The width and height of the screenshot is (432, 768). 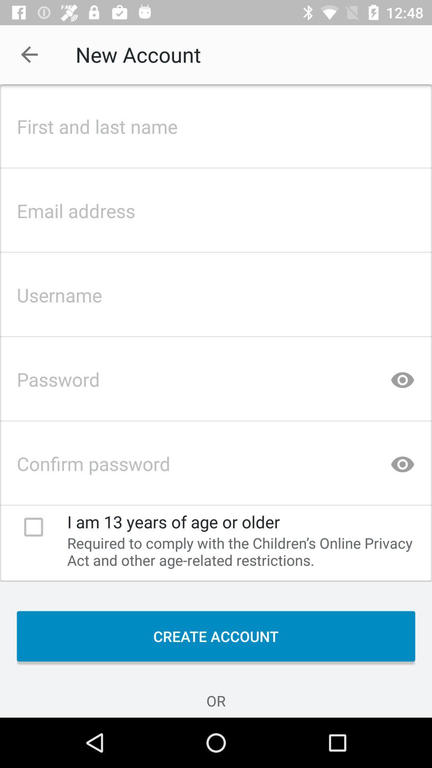 I want to click on plaintext of the password entered, so click(x=402, y=376).